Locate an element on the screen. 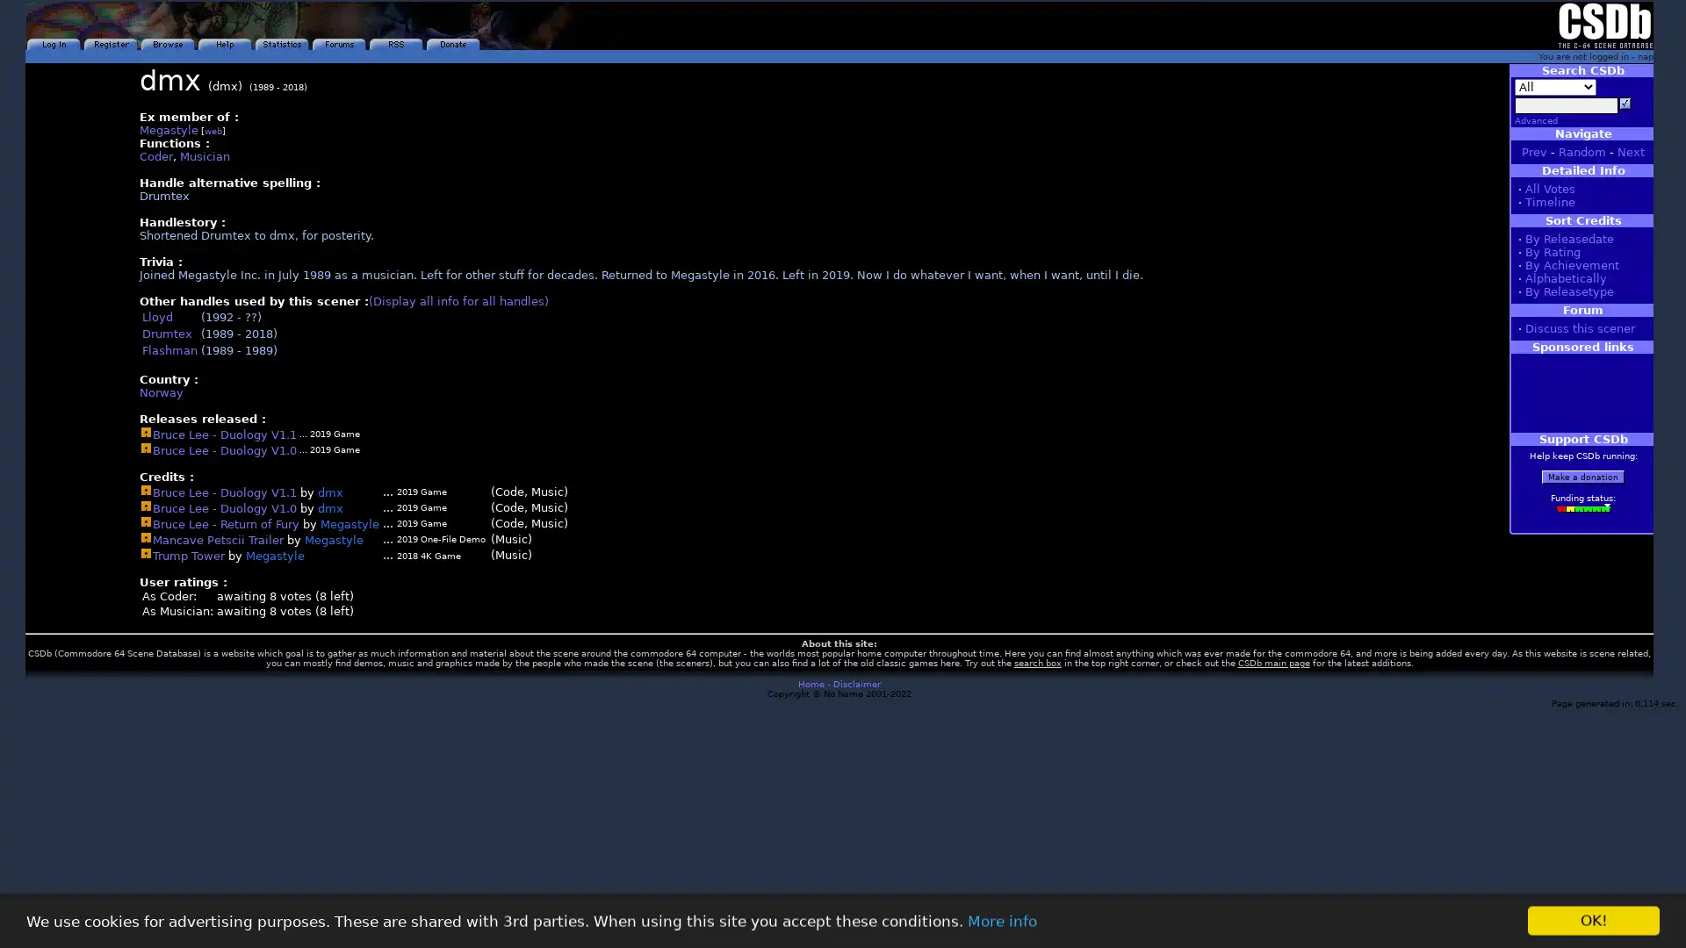 The height and width of the screenshot is (948, 1686). Go is located at coordinates (1625, 104).